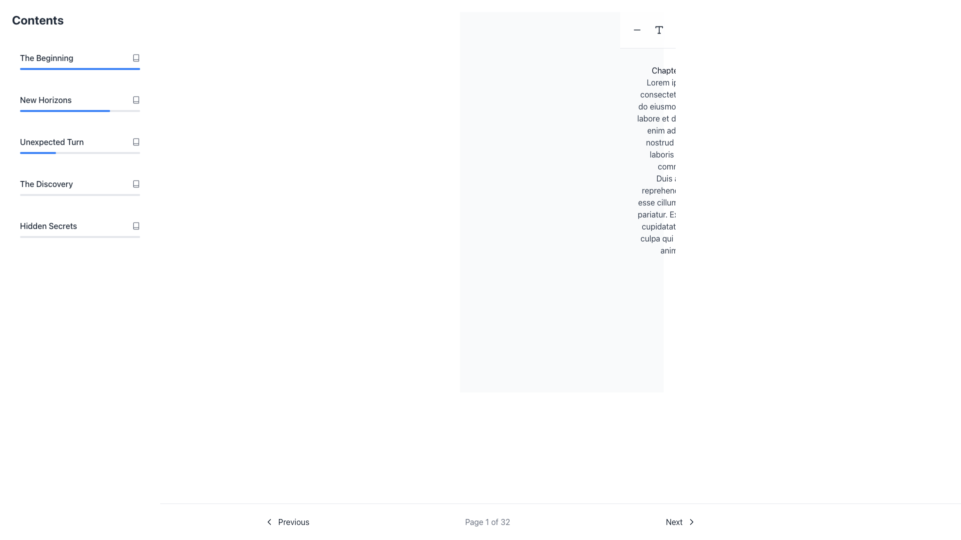 This screenshot has width=961, height=540. Describe the element at coordinates (659, 29) in the screenshot. I see `the middle text or typography-related icon located between the minus icon and the plus icon at the top-center part of the interface` at that location.